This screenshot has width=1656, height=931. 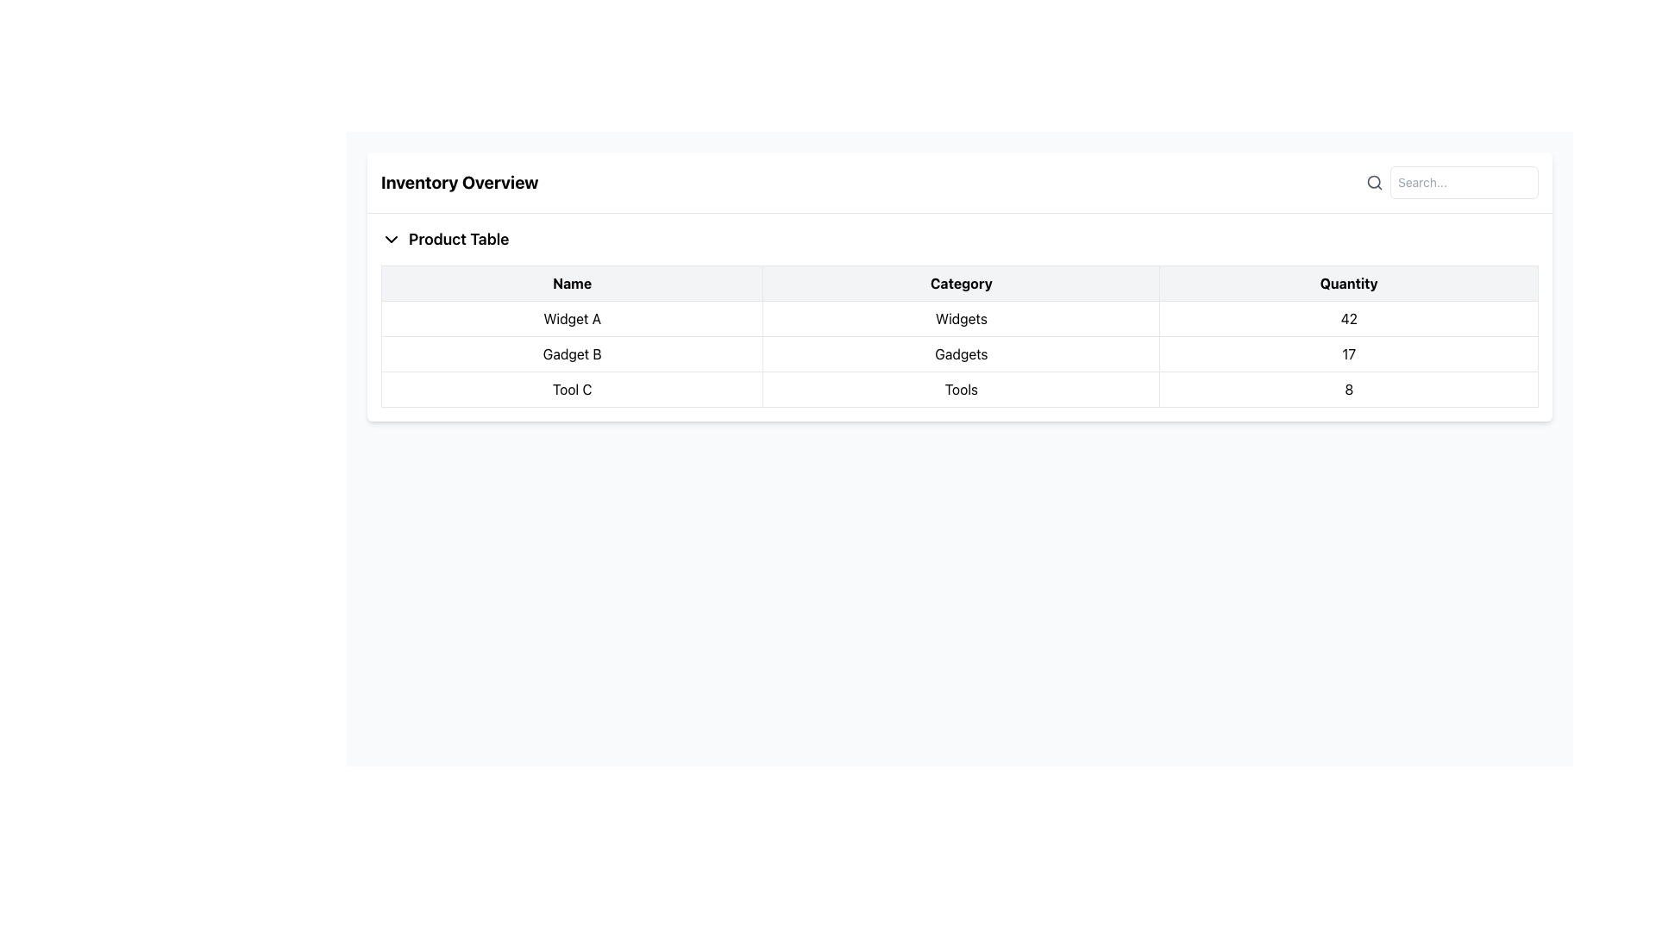 I want to click on the static text label that serves as a title for the section, located centrally below the 'Inventory Overview' header and adjacent to a chevron icon, so click(x=459, y=239).